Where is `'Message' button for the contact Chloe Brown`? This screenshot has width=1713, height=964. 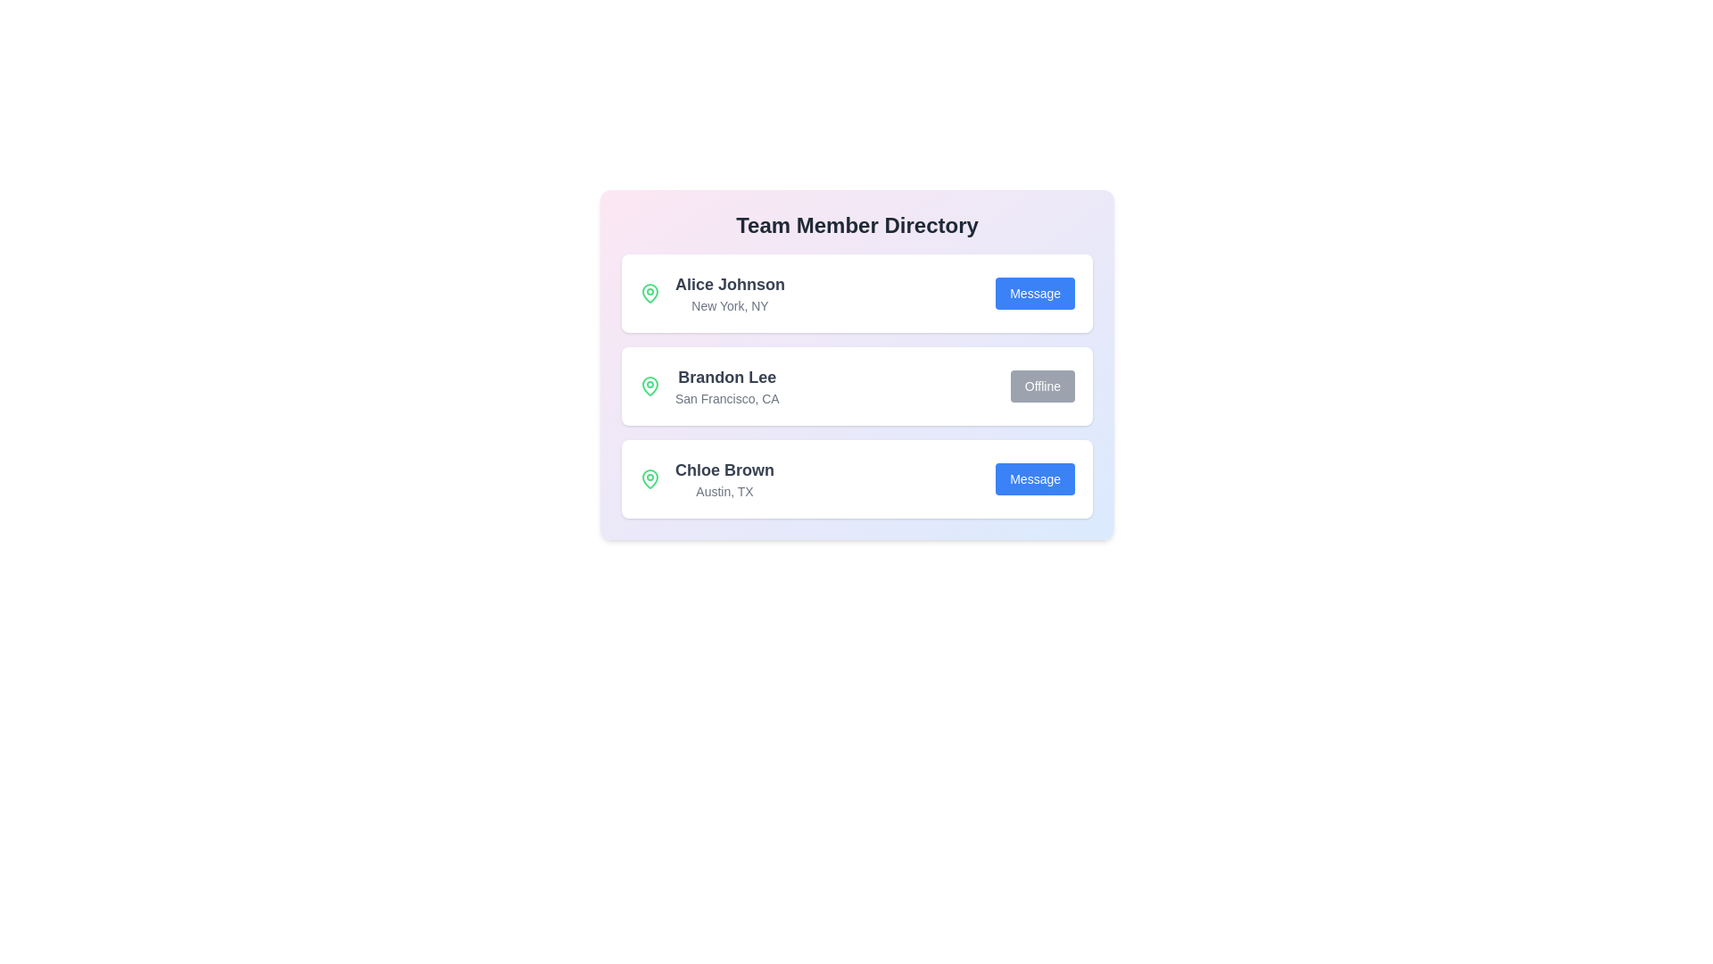
'Message' button for the contact Chloe Brown is located at coordinates (1035, 478).